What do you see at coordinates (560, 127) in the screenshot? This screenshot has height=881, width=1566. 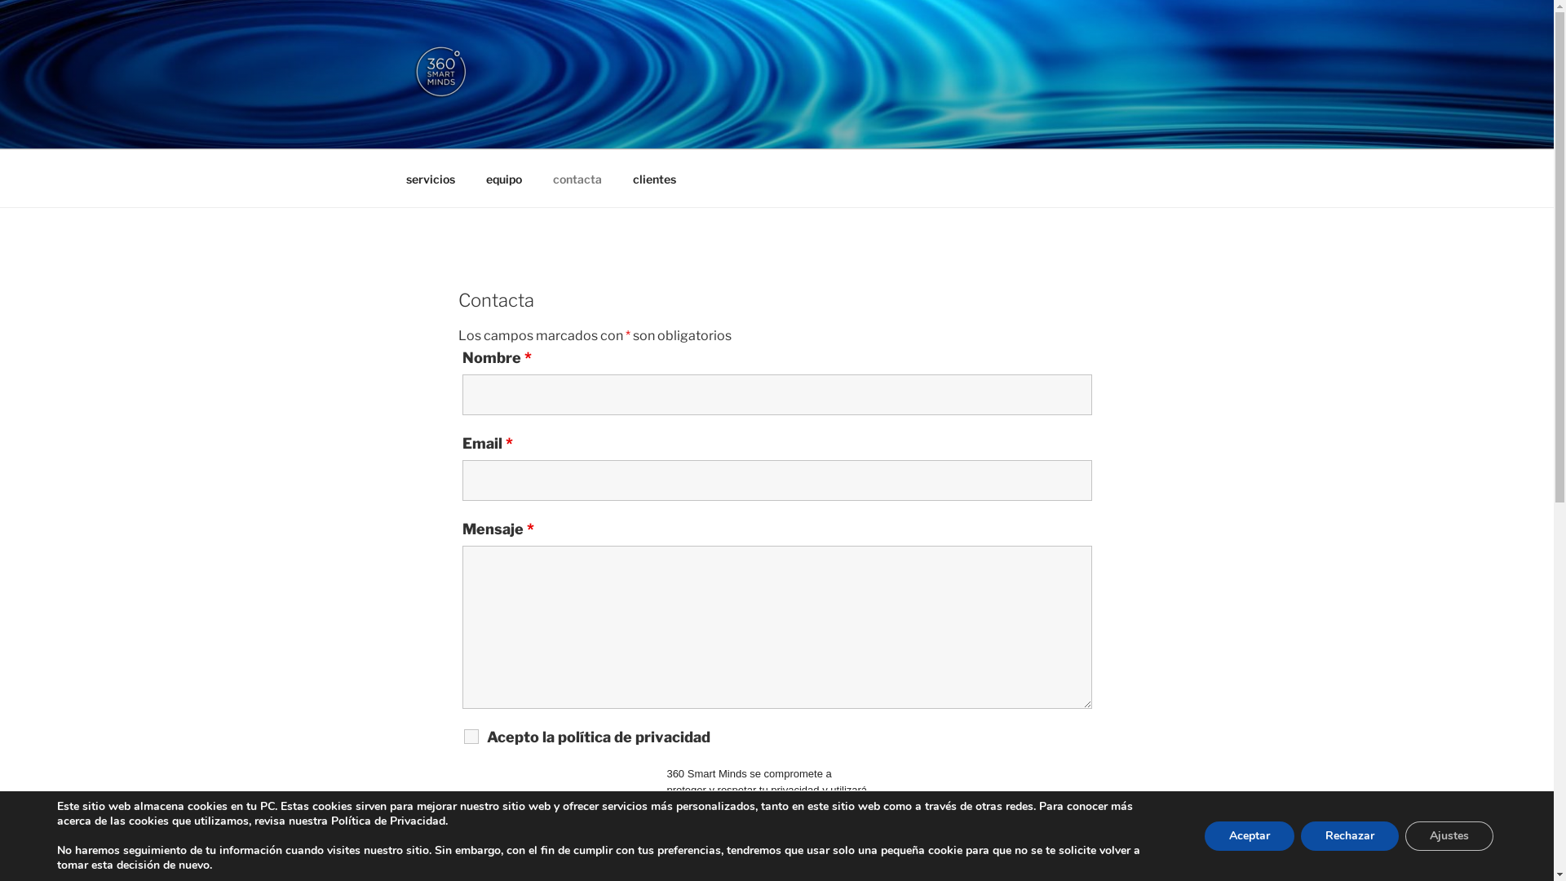 I see `'360SMARTMINDS'` at bounding box center [560, 127].